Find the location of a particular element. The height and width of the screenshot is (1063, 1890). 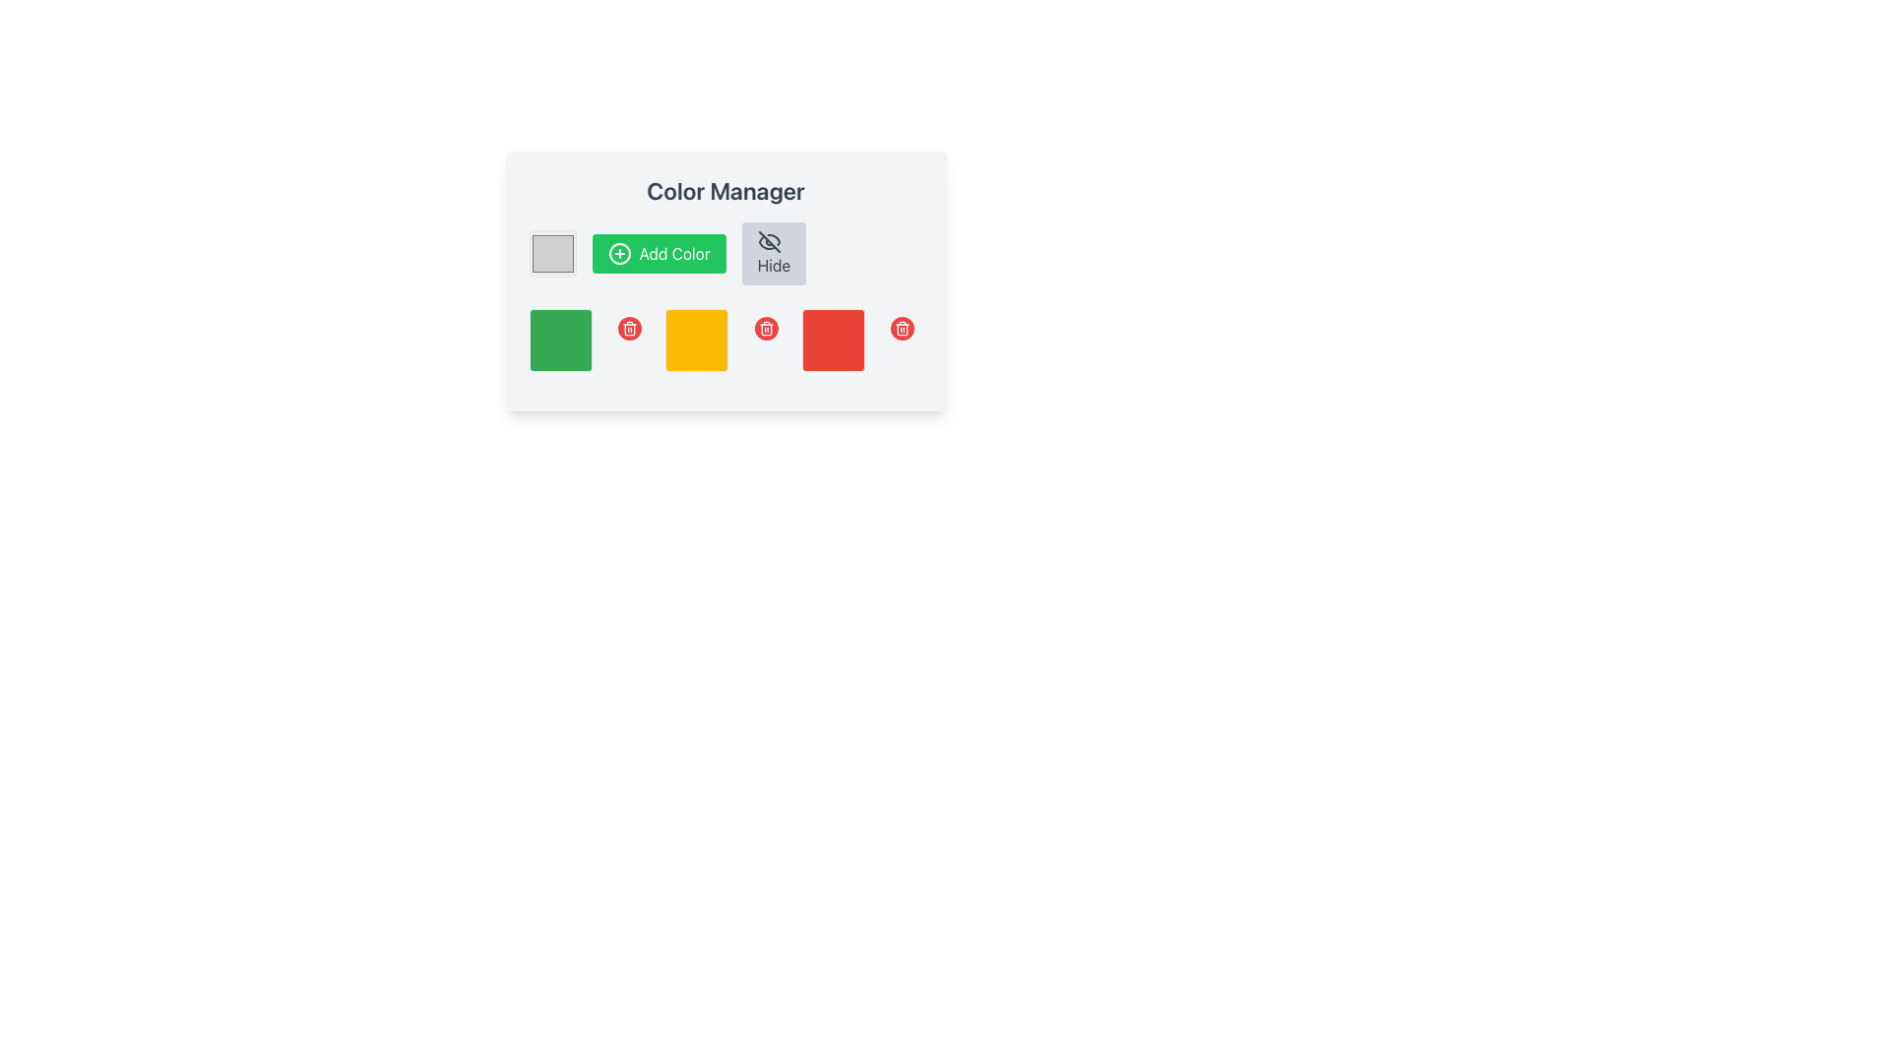

the static display box representing a color selection option in the Color Manager section, located in the middle row among three square boxes is located at coordinates (697, 340).